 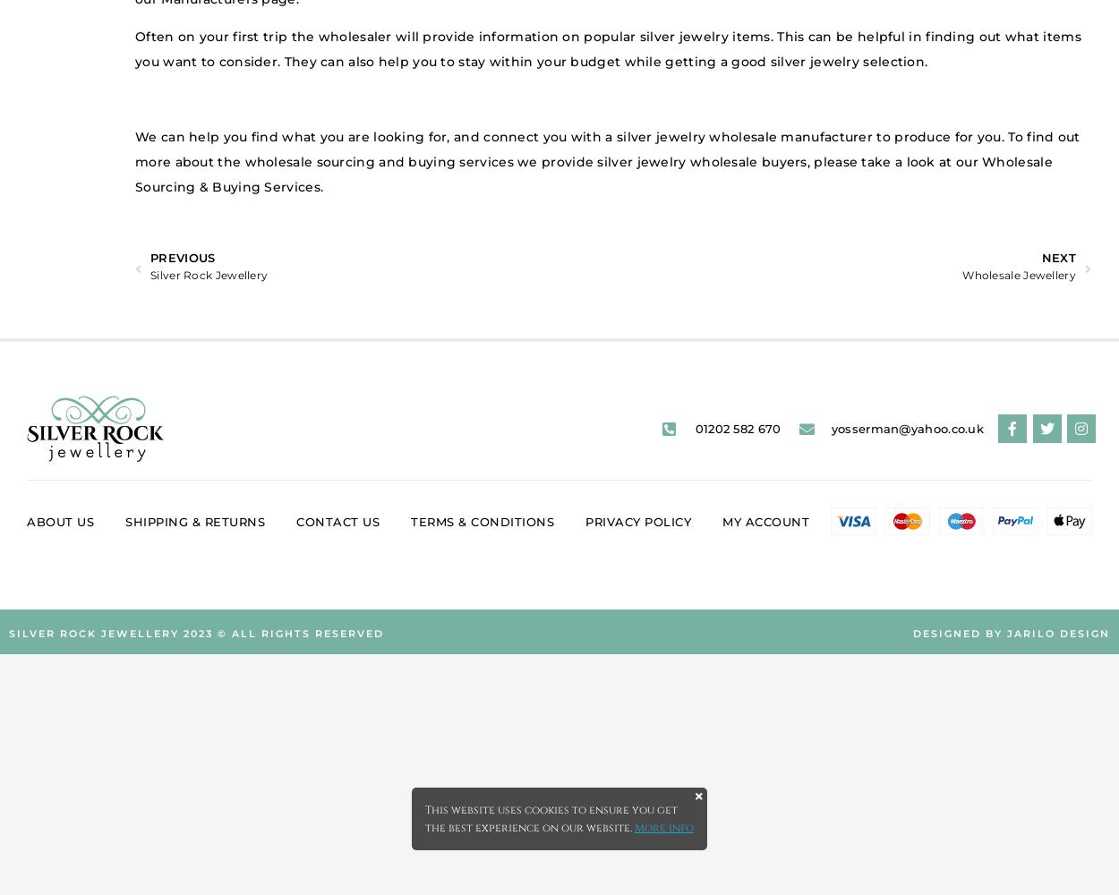 I want to click on 'Terms & Conditions', so click(x=483, y=521).